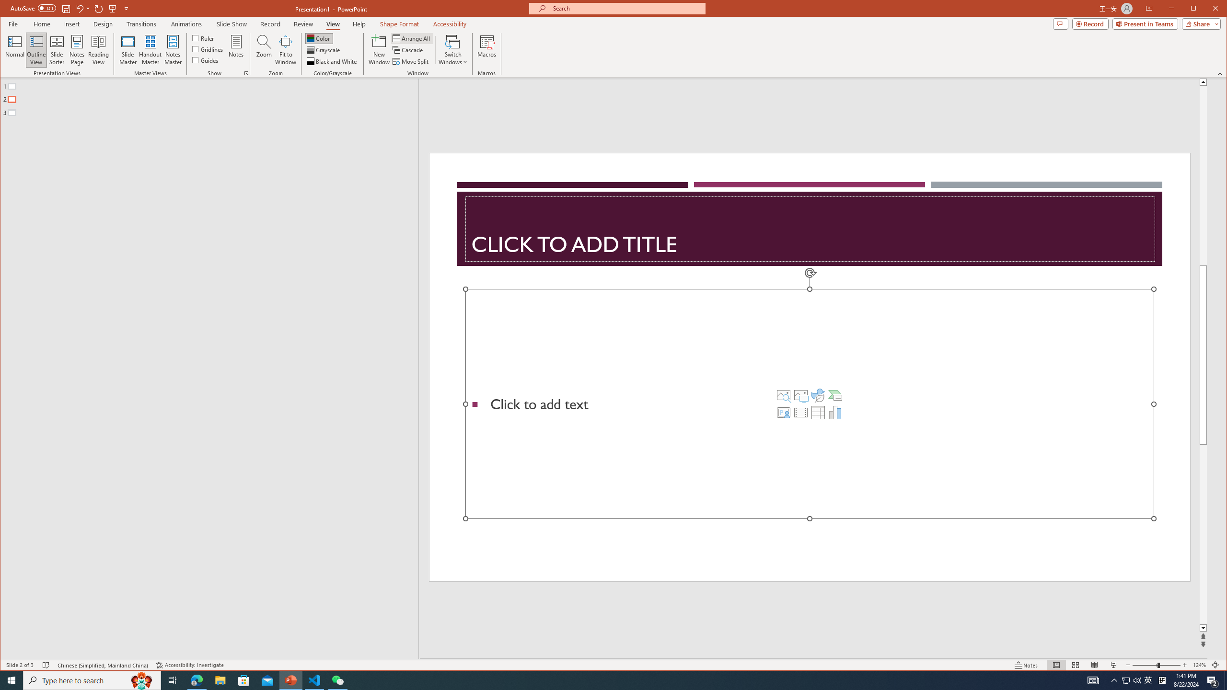 Image resolution: width=1227 pixels, height=690 pixels. I want to click on 'Maximize', so click(1207, 9).